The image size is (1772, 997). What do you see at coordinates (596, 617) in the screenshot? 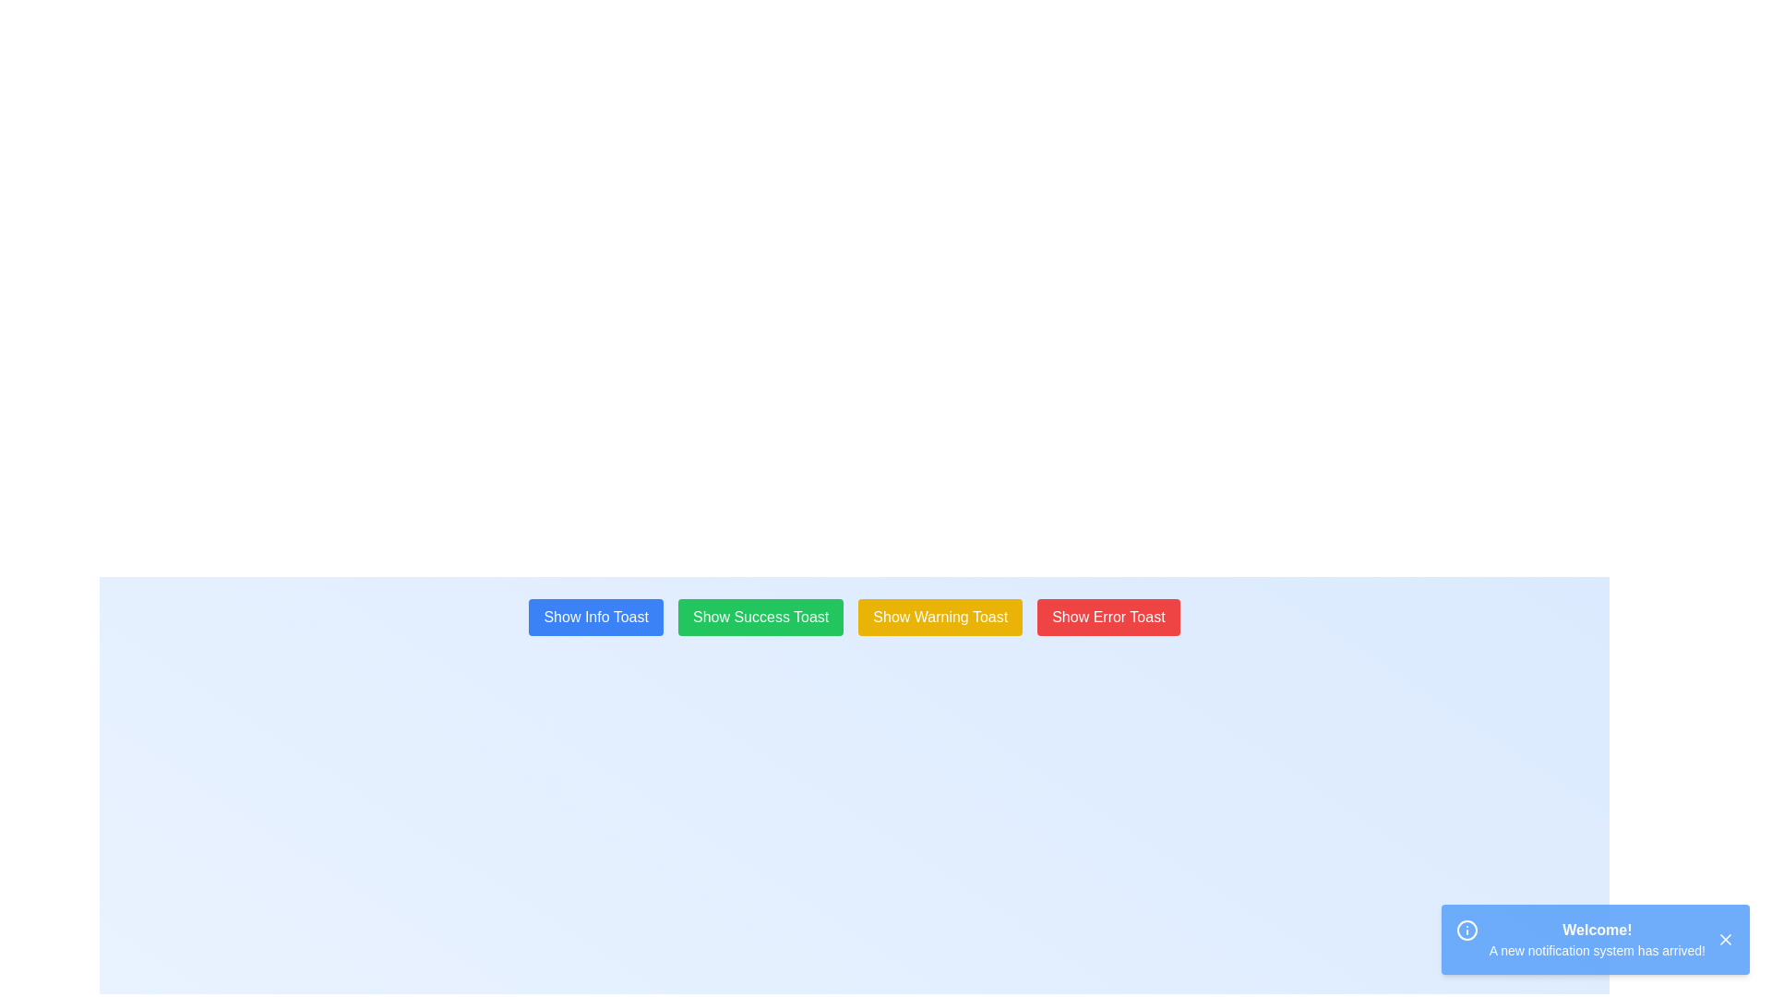
I see `the first button in a horizontal row of four buttons` at bounding box center [596, 617].